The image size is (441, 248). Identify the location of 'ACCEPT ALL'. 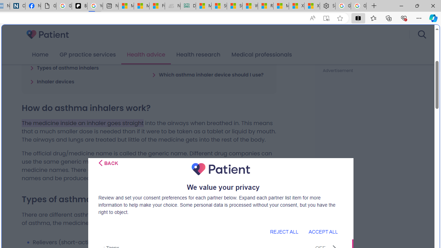
(322, 231).